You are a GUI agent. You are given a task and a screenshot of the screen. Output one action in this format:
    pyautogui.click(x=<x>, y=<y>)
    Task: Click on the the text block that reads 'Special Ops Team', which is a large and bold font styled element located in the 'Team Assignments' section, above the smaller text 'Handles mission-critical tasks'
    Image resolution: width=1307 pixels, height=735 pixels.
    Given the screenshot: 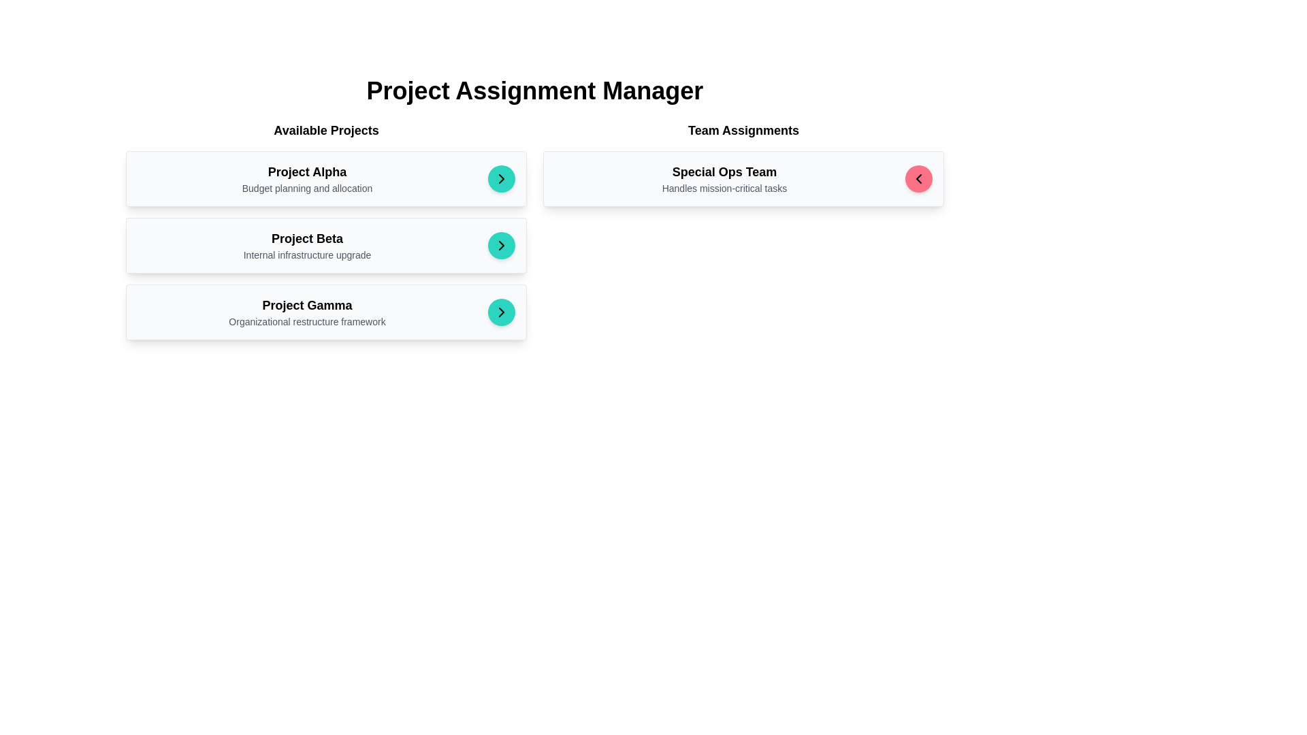 What is the action you would take?
    pyautogui.click(x=724, y=171)
    